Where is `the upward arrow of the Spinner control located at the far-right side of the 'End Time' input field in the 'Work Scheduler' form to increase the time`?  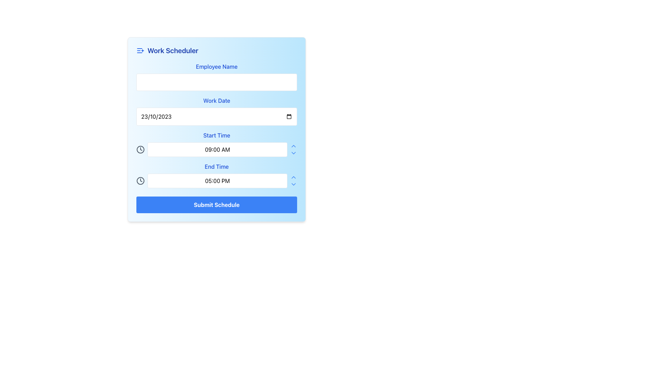
the upward arrow of the Spinner control located at the far-right side of the 'End Time' input field in the 'Work Scheduler' form to increase the time is located at coordinates (294, 180).